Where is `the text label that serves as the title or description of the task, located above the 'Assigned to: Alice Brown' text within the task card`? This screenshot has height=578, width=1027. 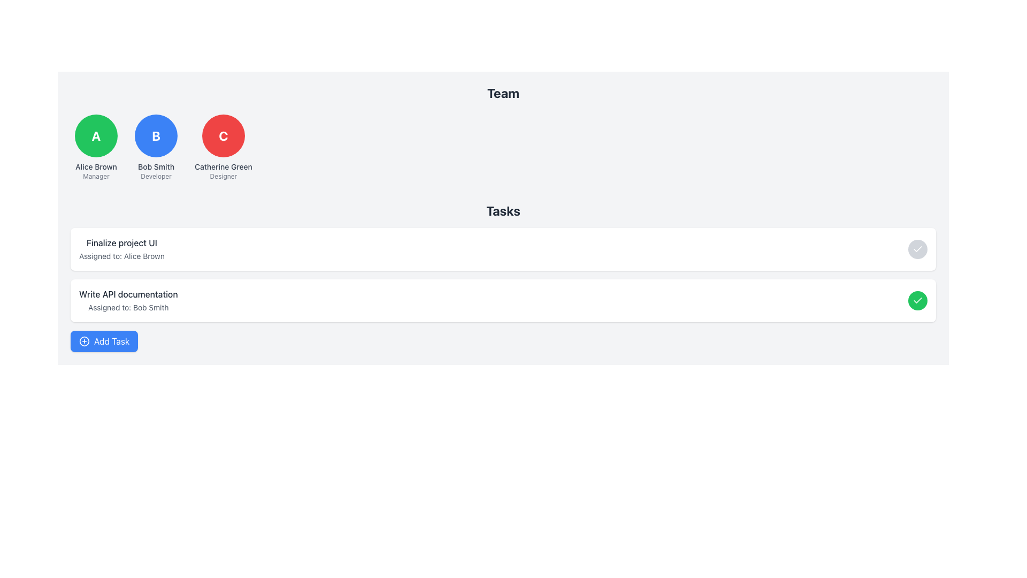 the text label that serves as the title or description of the task, located above the 'Assigned to: Alice Brown' text within the task card is located at coordinates (121, 243).